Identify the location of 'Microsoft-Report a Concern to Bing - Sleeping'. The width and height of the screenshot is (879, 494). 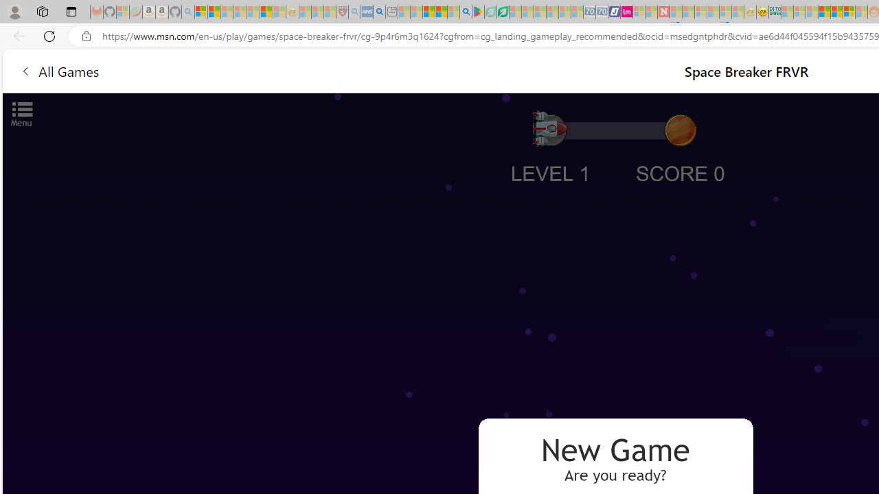
(123, 12).